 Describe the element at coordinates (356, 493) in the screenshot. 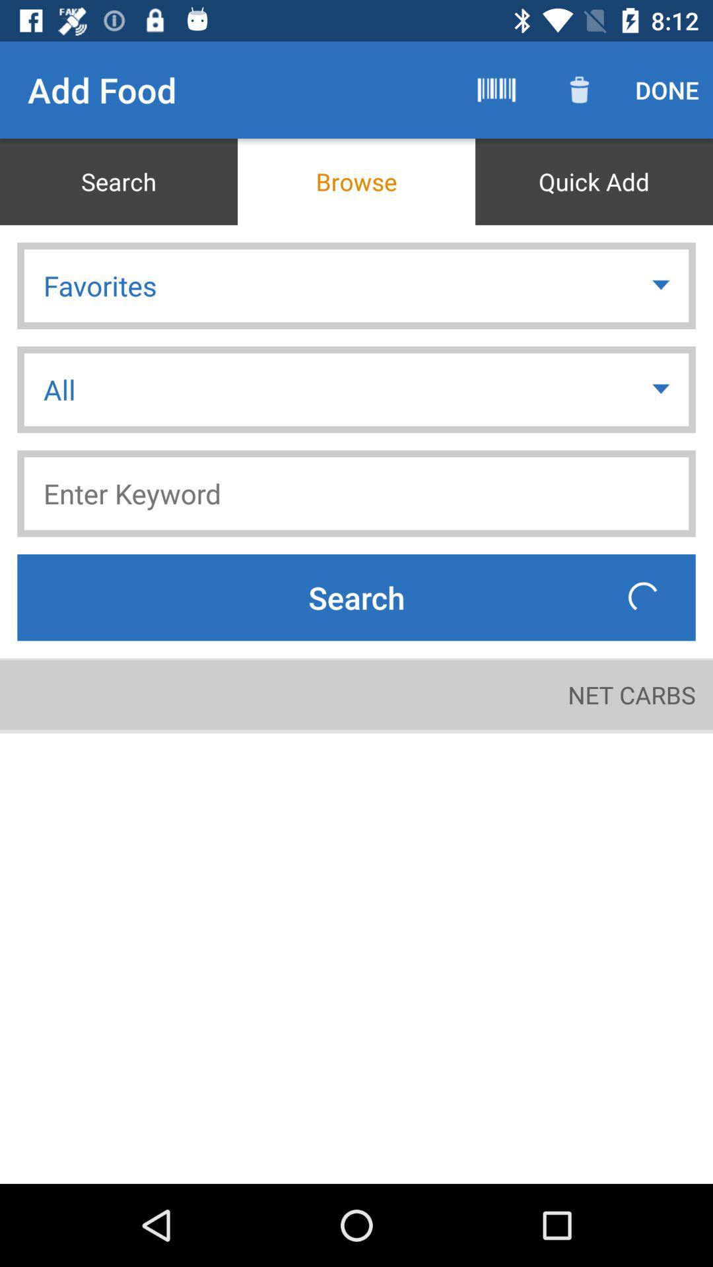

I see `search by keyword` at that location.